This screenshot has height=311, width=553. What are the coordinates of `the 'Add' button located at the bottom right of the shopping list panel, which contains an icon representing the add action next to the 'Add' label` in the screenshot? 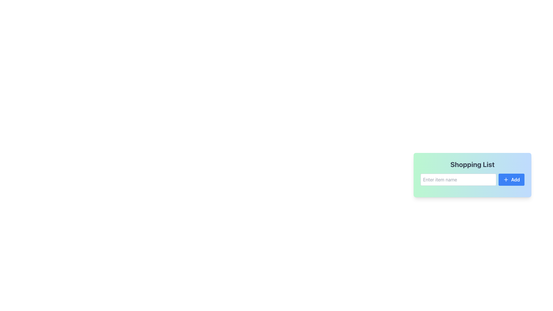 It's located at (505, 179).